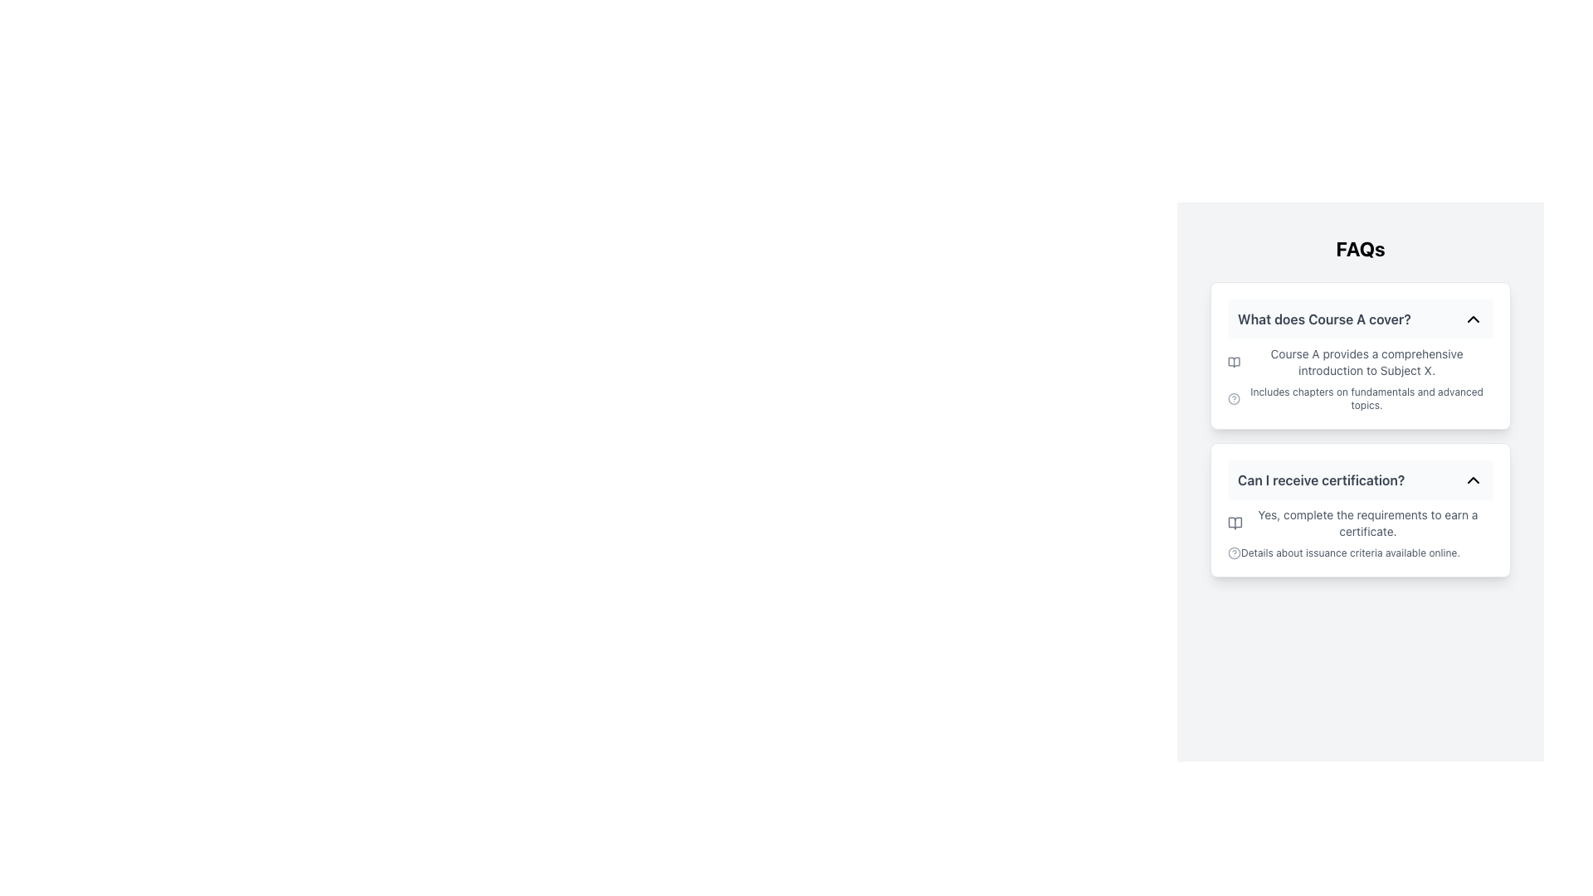  Describe the element at coordinates (1361, 553) in the screenshot. I see `the Static Text element that displays 'Details about issuance criteria available online.'` at that location.